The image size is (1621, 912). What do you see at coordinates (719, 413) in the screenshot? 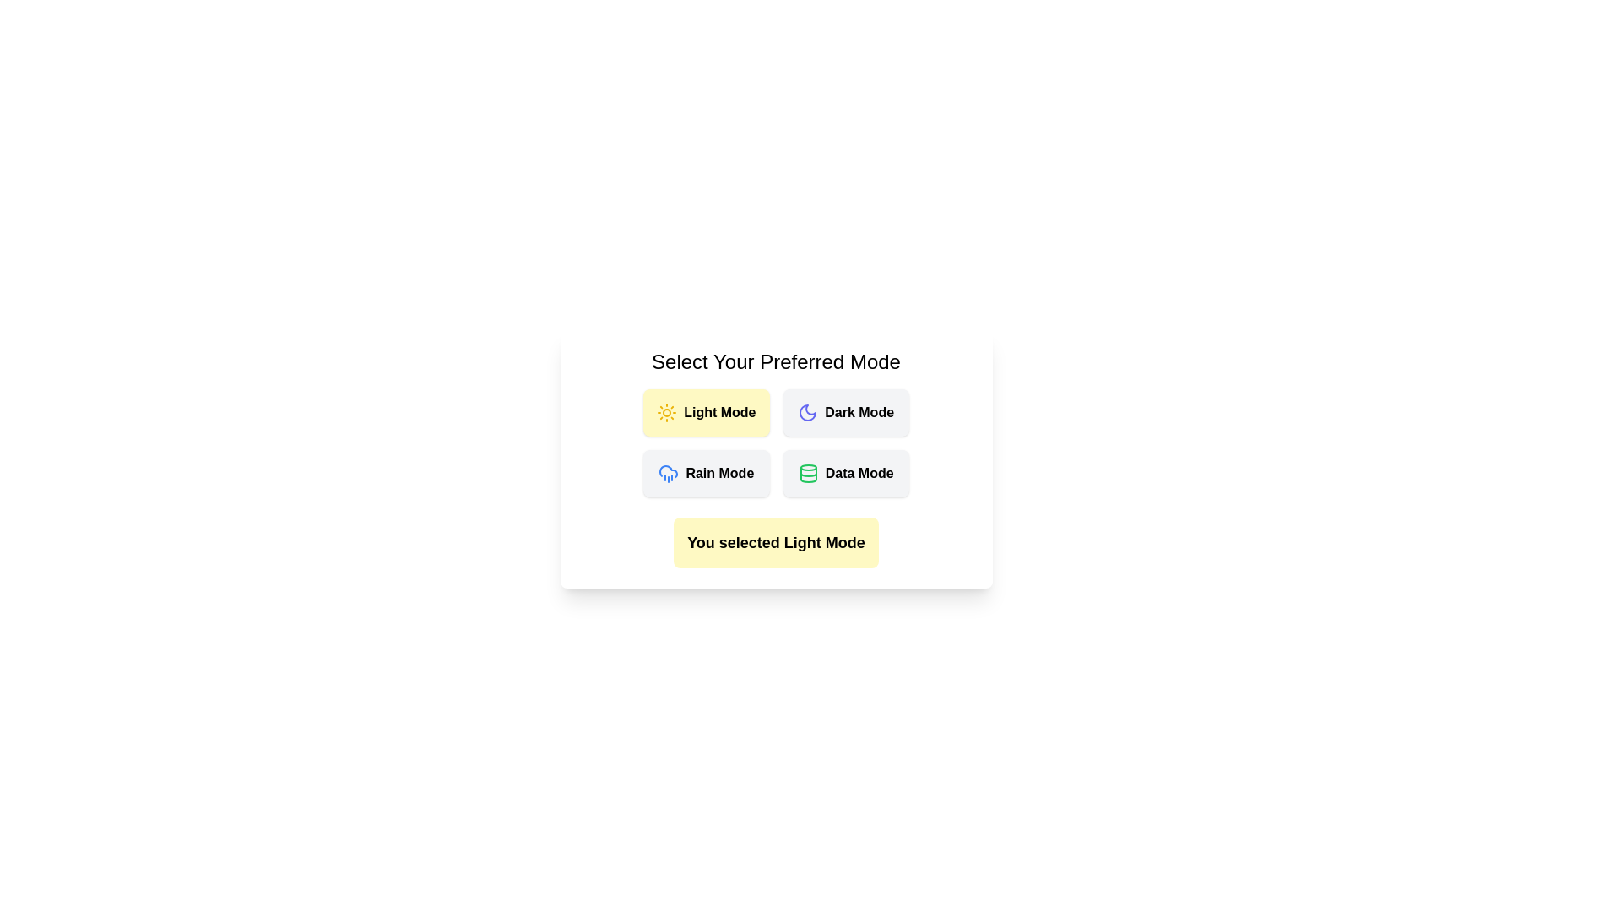
I see `the 'Light Mode' text label, which is styled in bold and located under 'Select Your Preferred Mode' in the UI control group` at bounding box center [719, 413].